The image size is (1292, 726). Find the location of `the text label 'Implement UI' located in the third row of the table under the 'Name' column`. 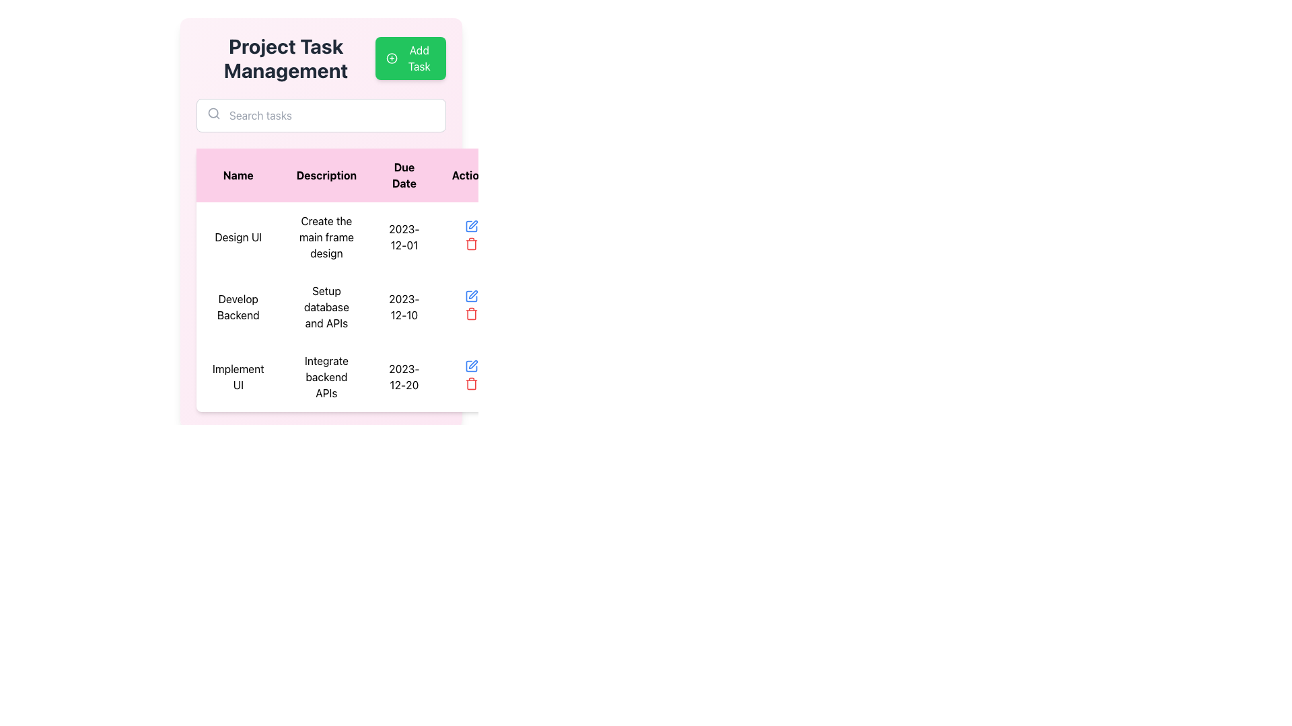

the text label 'Implement UI' located in the third row of the table under the 'Name' column is located at coordinates (238, 376).